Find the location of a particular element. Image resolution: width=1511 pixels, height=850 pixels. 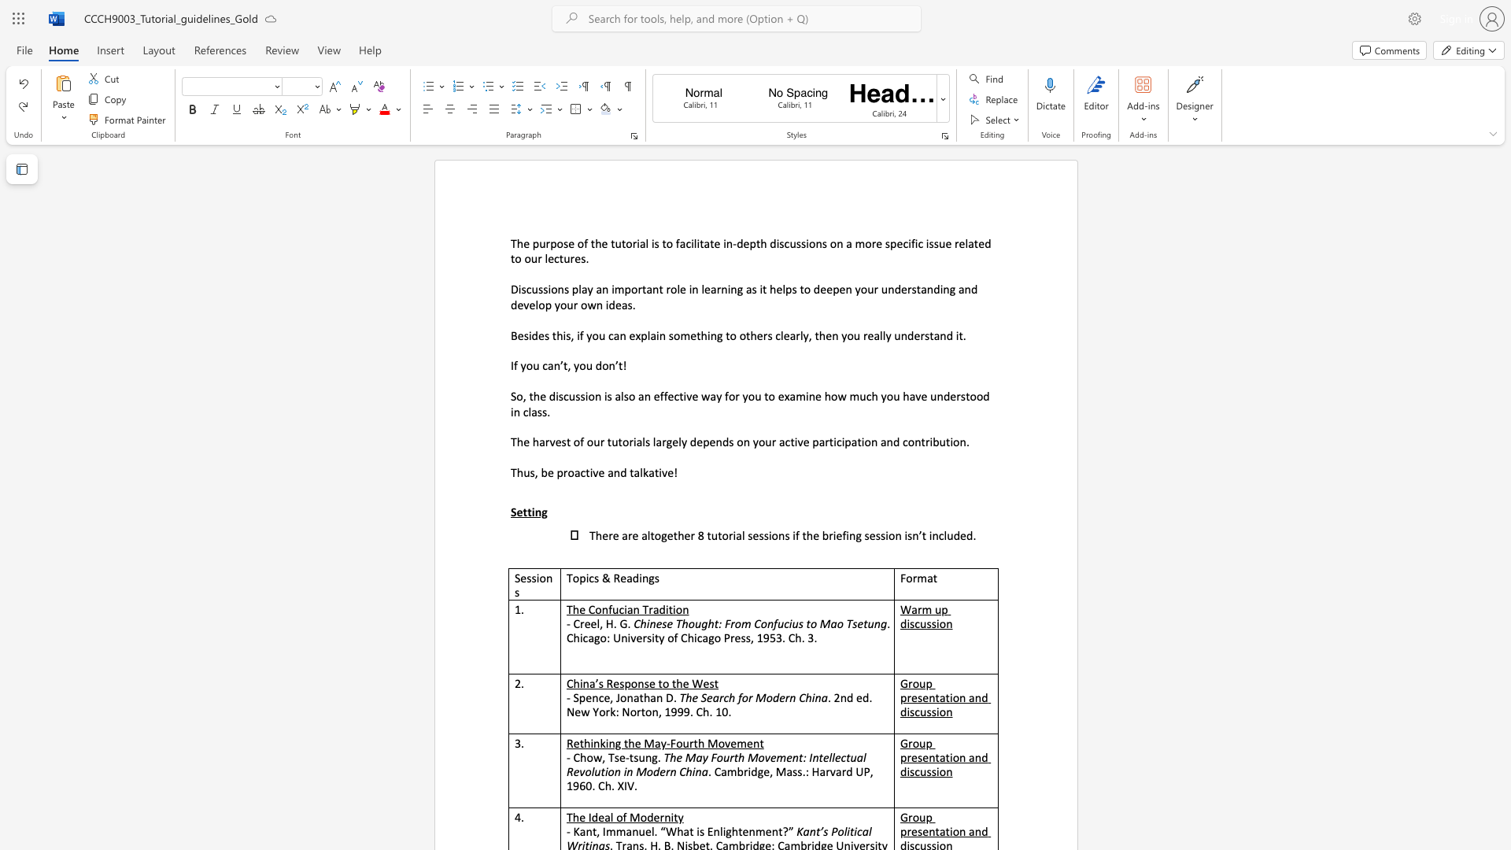

the space between the continuous character "o" and "n" in the text is located at coordinates (767, 623).